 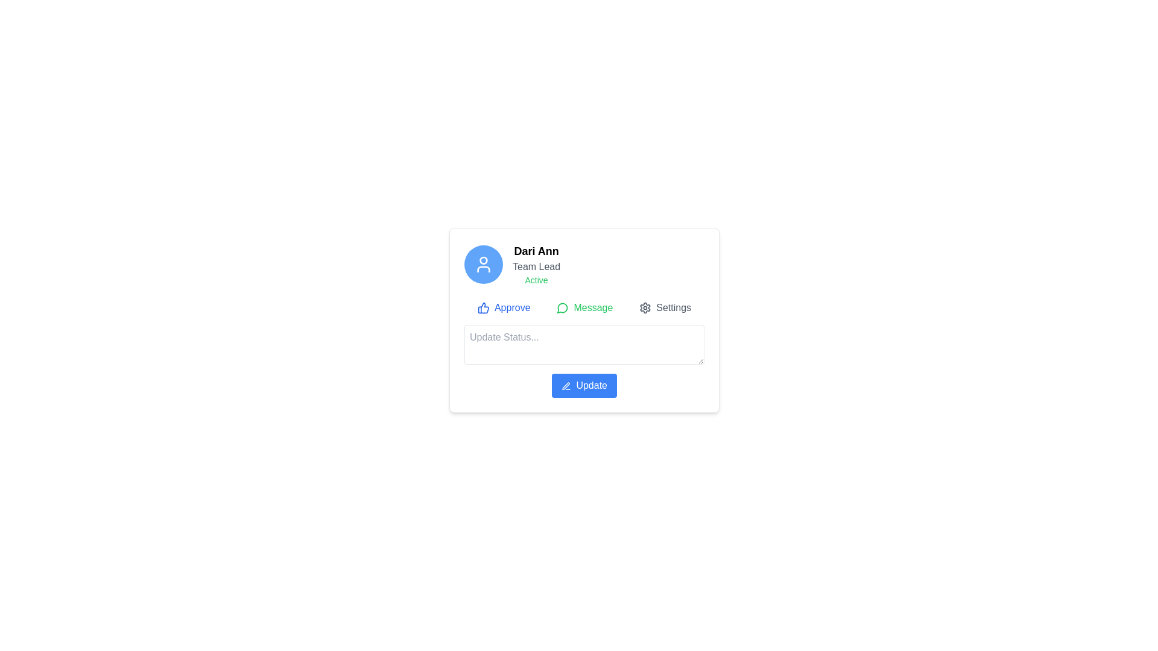 I want to click on the circular icon positioned to the left of the 'Message' label, which visually supports messaging functionality, so click(x=562, y=307).